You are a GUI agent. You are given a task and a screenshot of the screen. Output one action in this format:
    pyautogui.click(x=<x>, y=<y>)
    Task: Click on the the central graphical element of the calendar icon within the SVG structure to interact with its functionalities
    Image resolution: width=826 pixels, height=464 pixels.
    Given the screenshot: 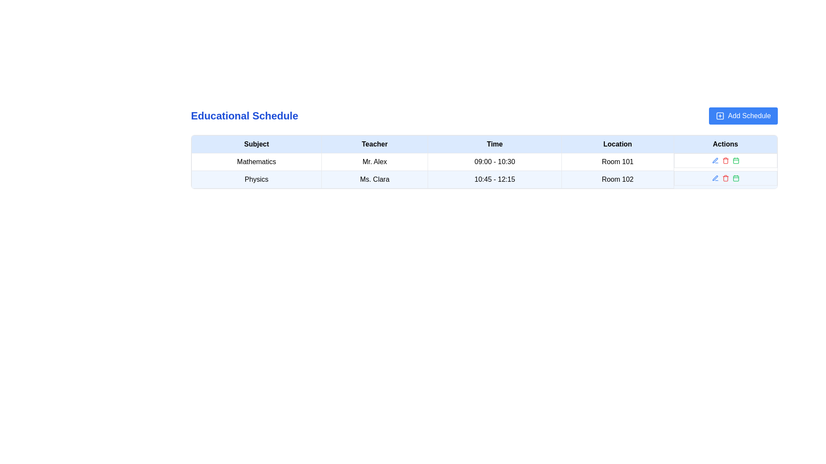 What is the action you would take?
    pyautogui.click(x=735, y=178)
    